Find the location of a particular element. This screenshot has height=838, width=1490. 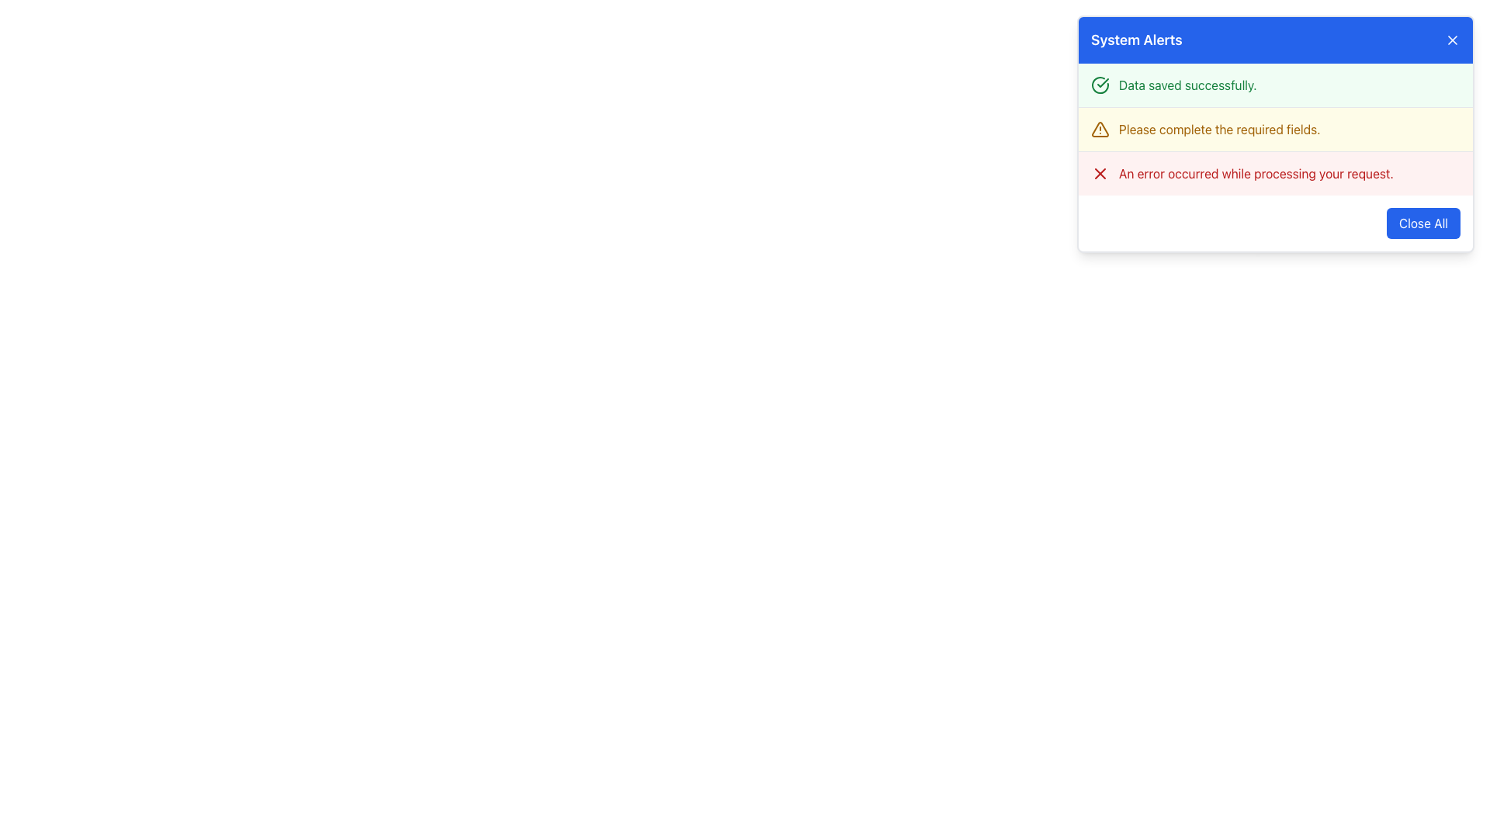

the triangle warning icon component located in the second row of icons in the top-right section of the notification card is located at coordinates (1099, 128).